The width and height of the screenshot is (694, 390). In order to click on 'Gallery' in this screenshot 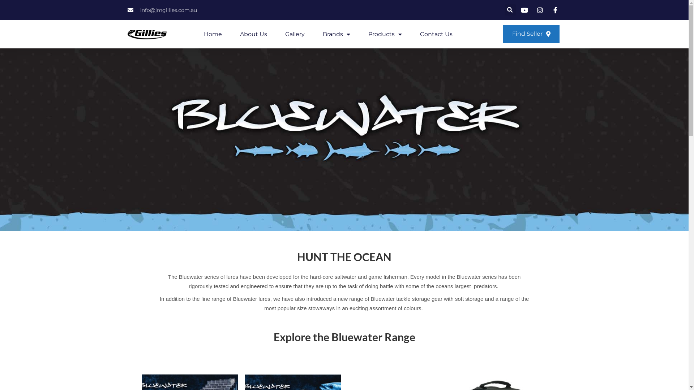, I will do `click(295, 34)`.